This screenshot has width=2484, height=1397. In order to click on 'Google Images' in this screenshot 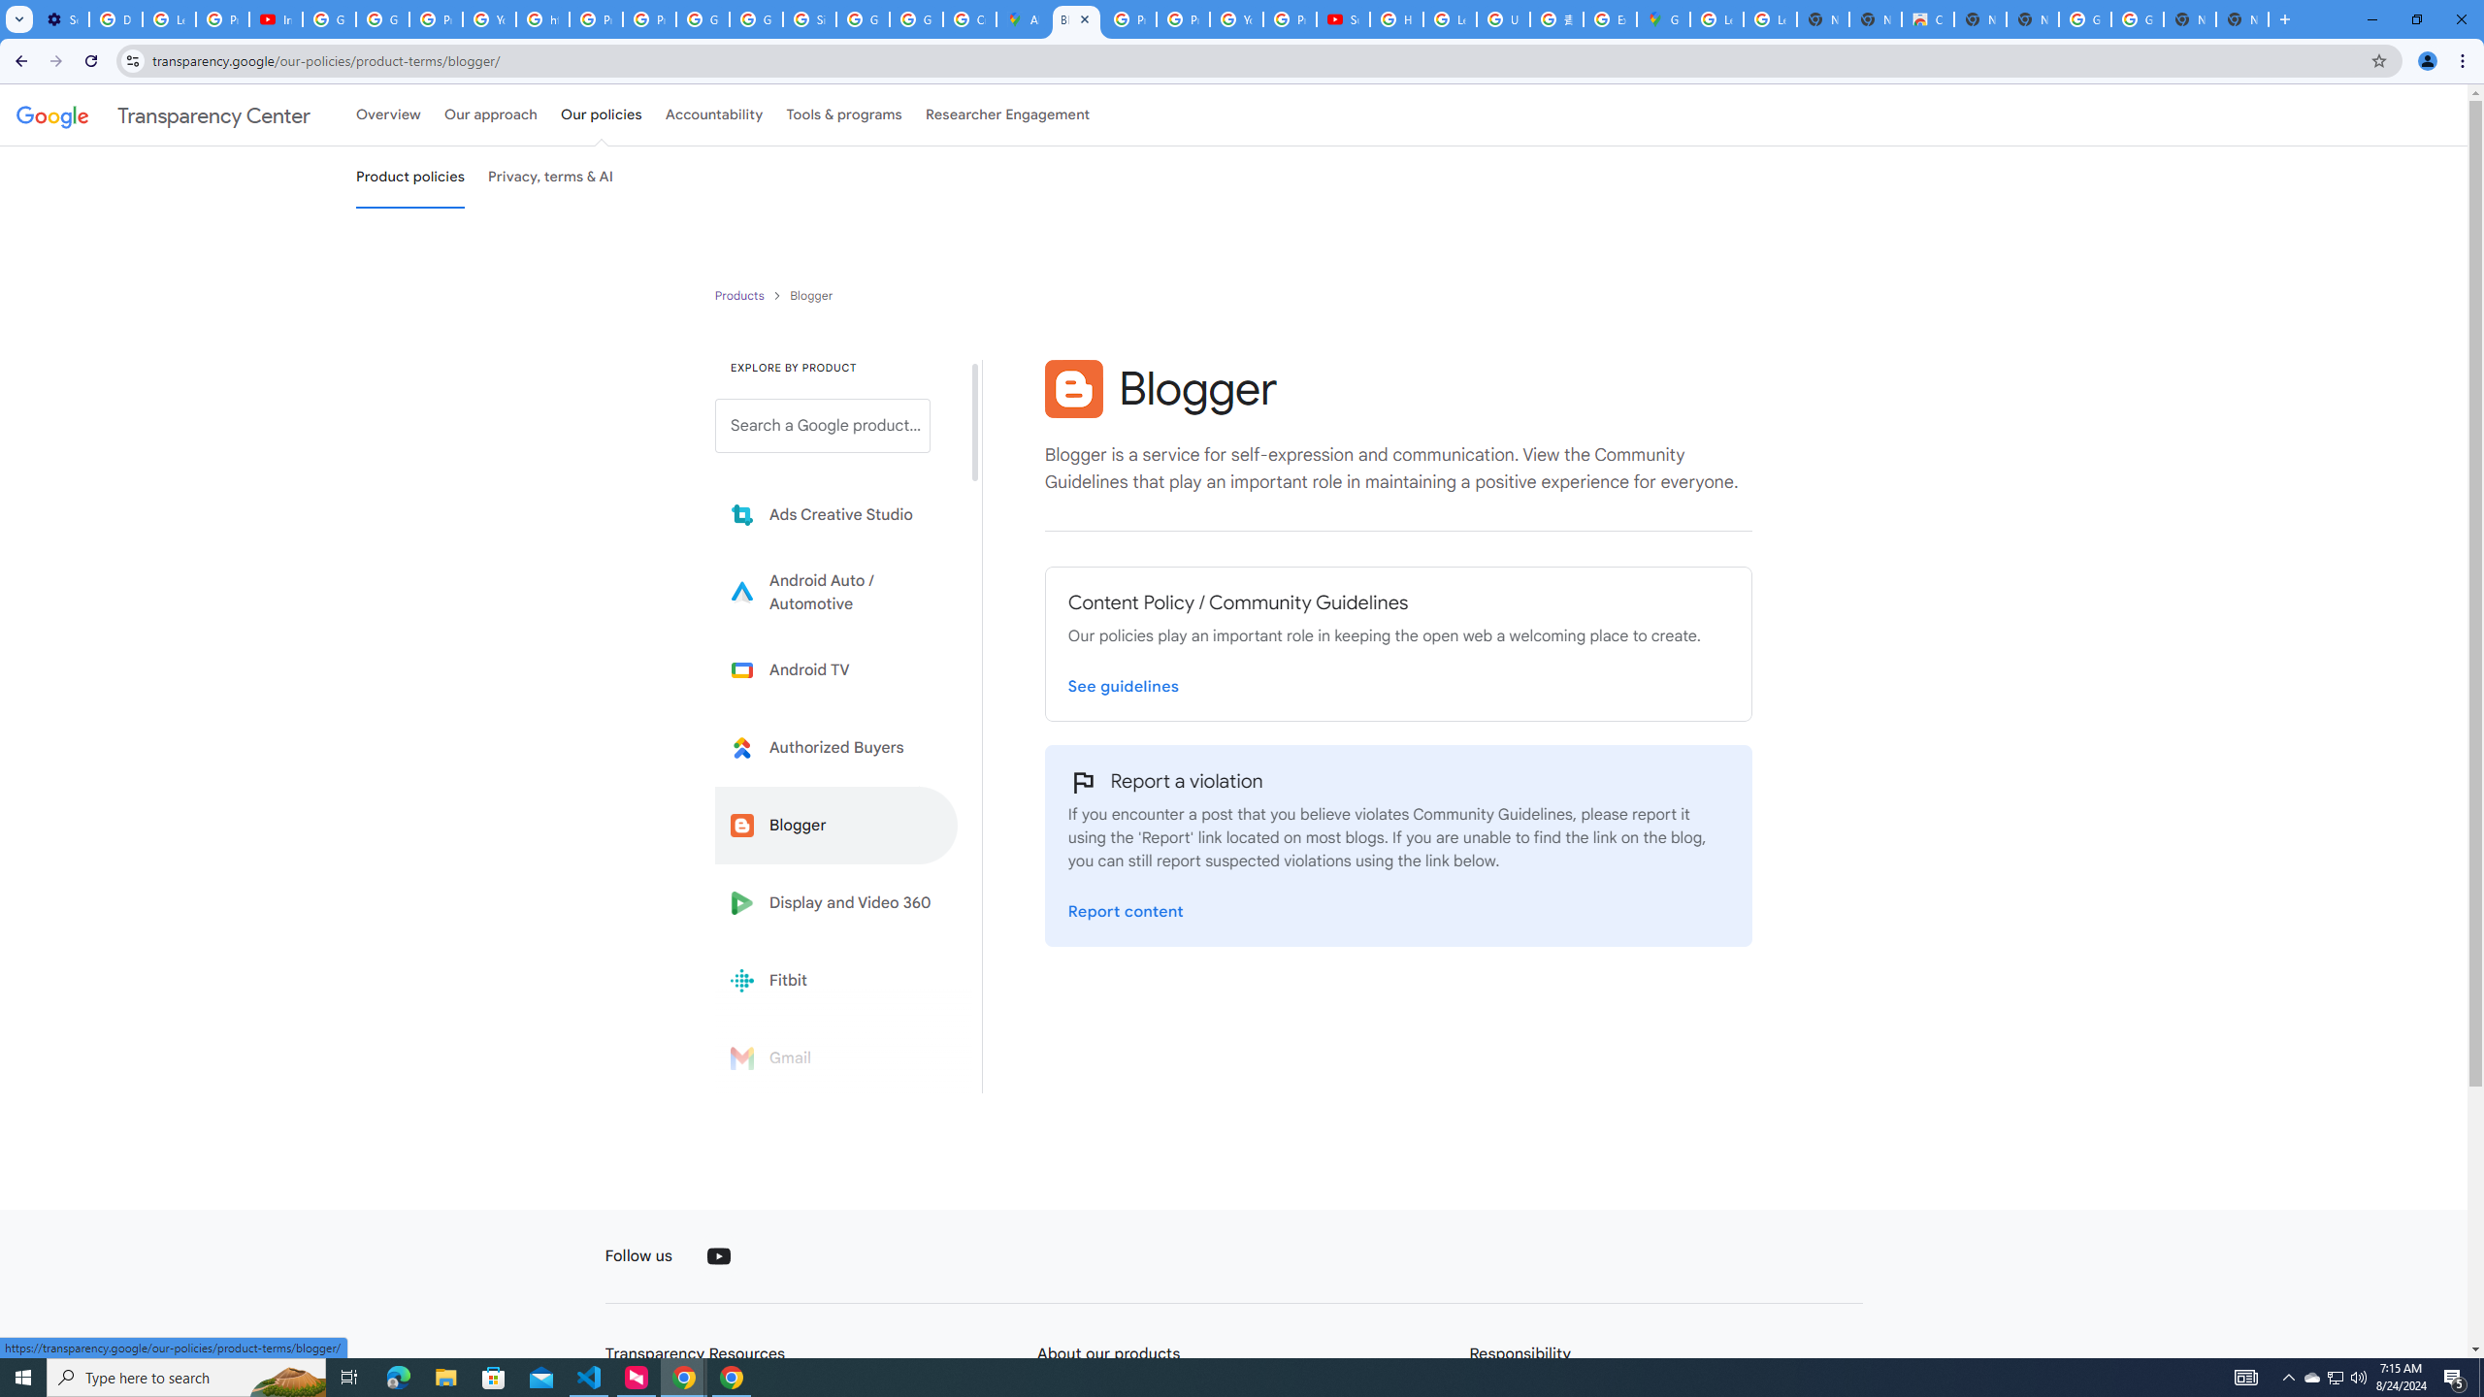, I will do `click(2084, 18)`.